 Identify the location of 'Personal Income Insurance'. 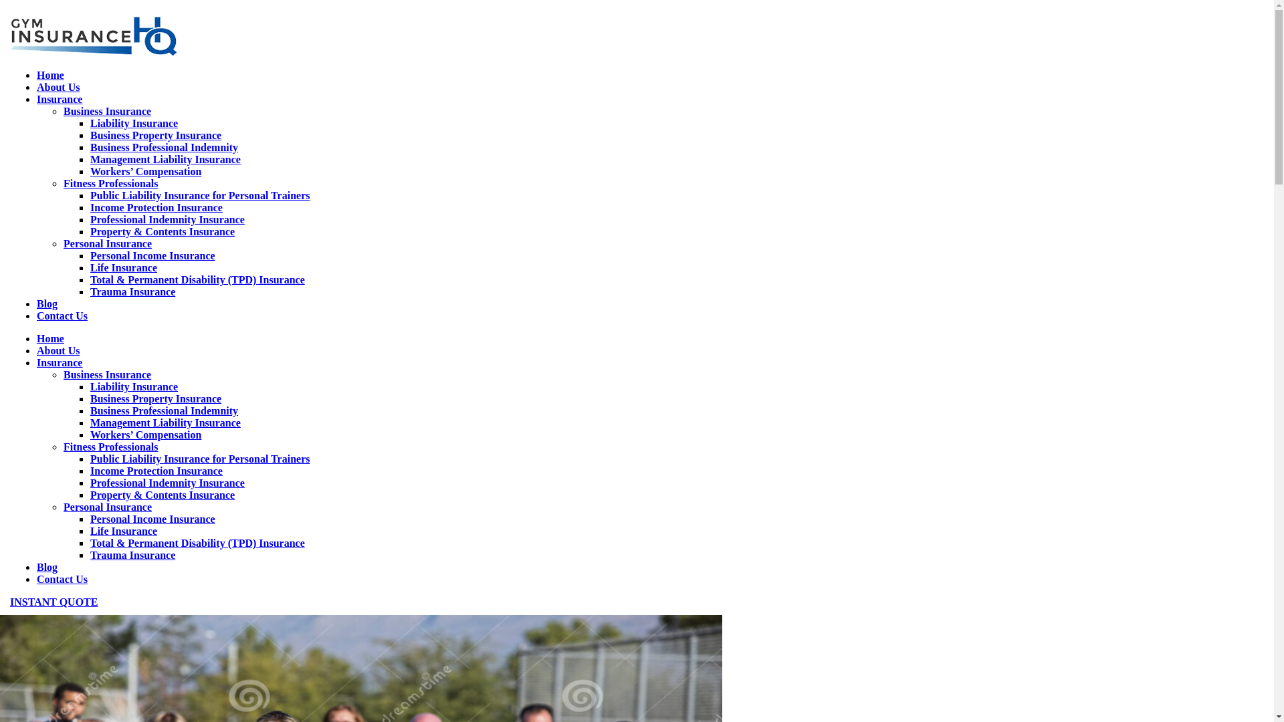
(152, 518).